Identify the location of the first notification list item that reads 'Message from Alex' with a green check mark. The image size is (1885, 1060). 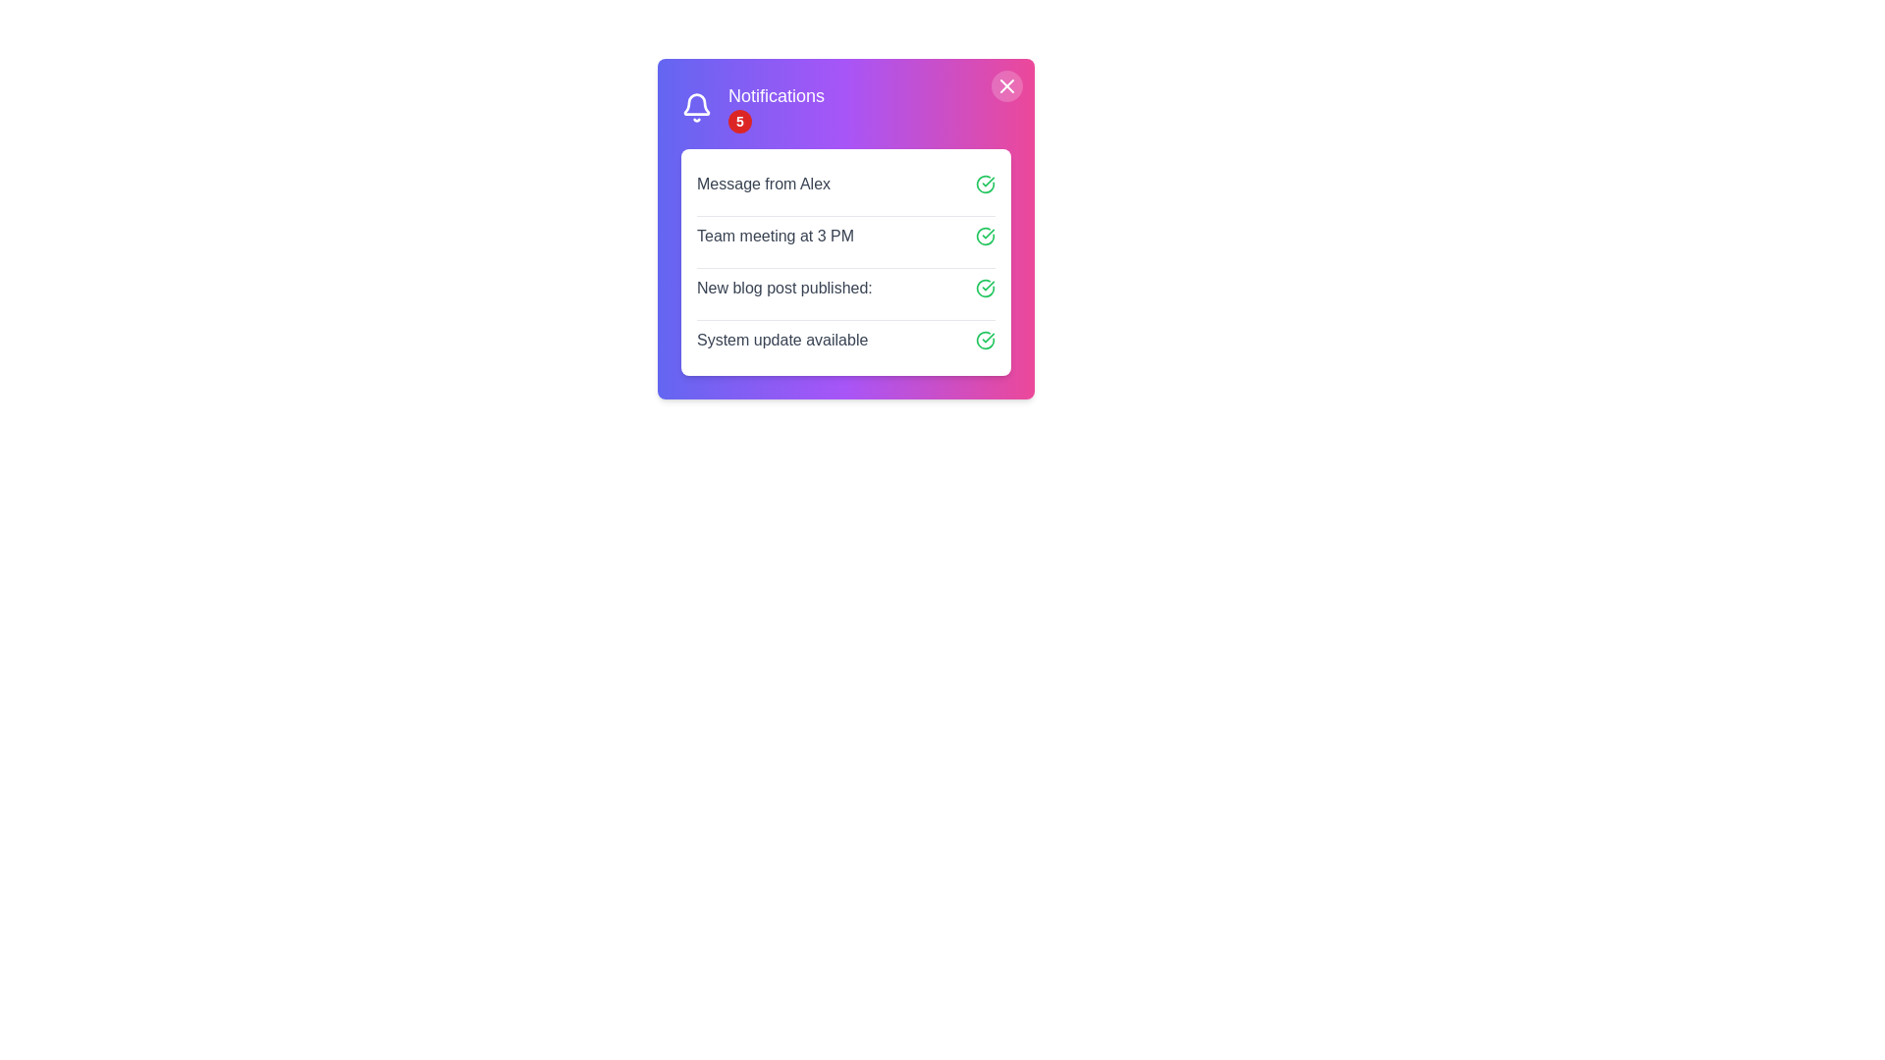
(846, 185).